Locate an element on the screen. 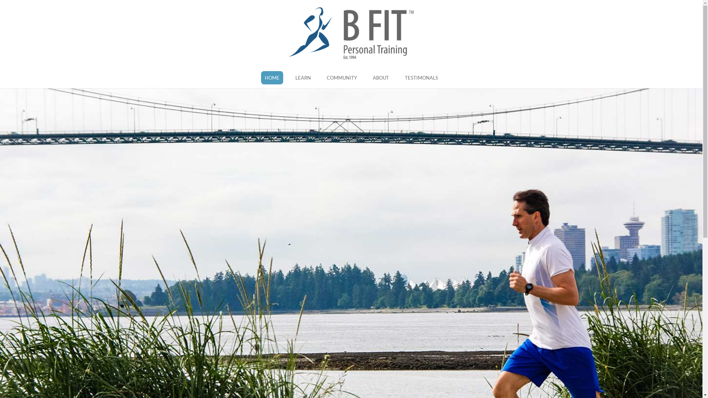  'ABOUT' is located at coordinates (381, 78).